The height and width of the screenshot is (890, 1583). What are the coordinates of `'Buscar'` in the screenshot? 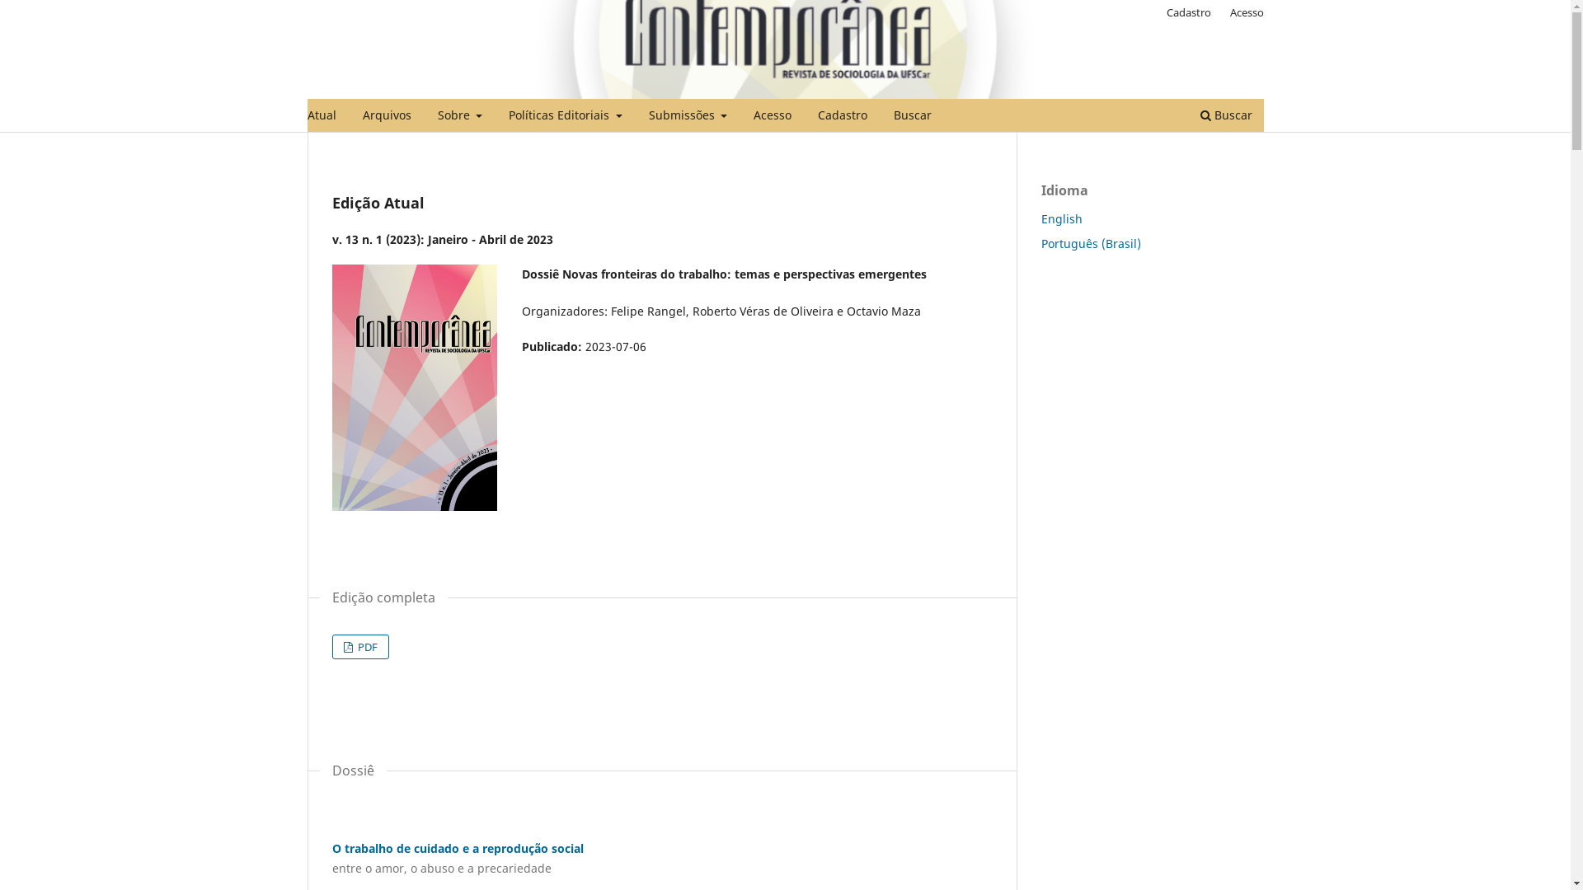 It's located at (1225, 116).